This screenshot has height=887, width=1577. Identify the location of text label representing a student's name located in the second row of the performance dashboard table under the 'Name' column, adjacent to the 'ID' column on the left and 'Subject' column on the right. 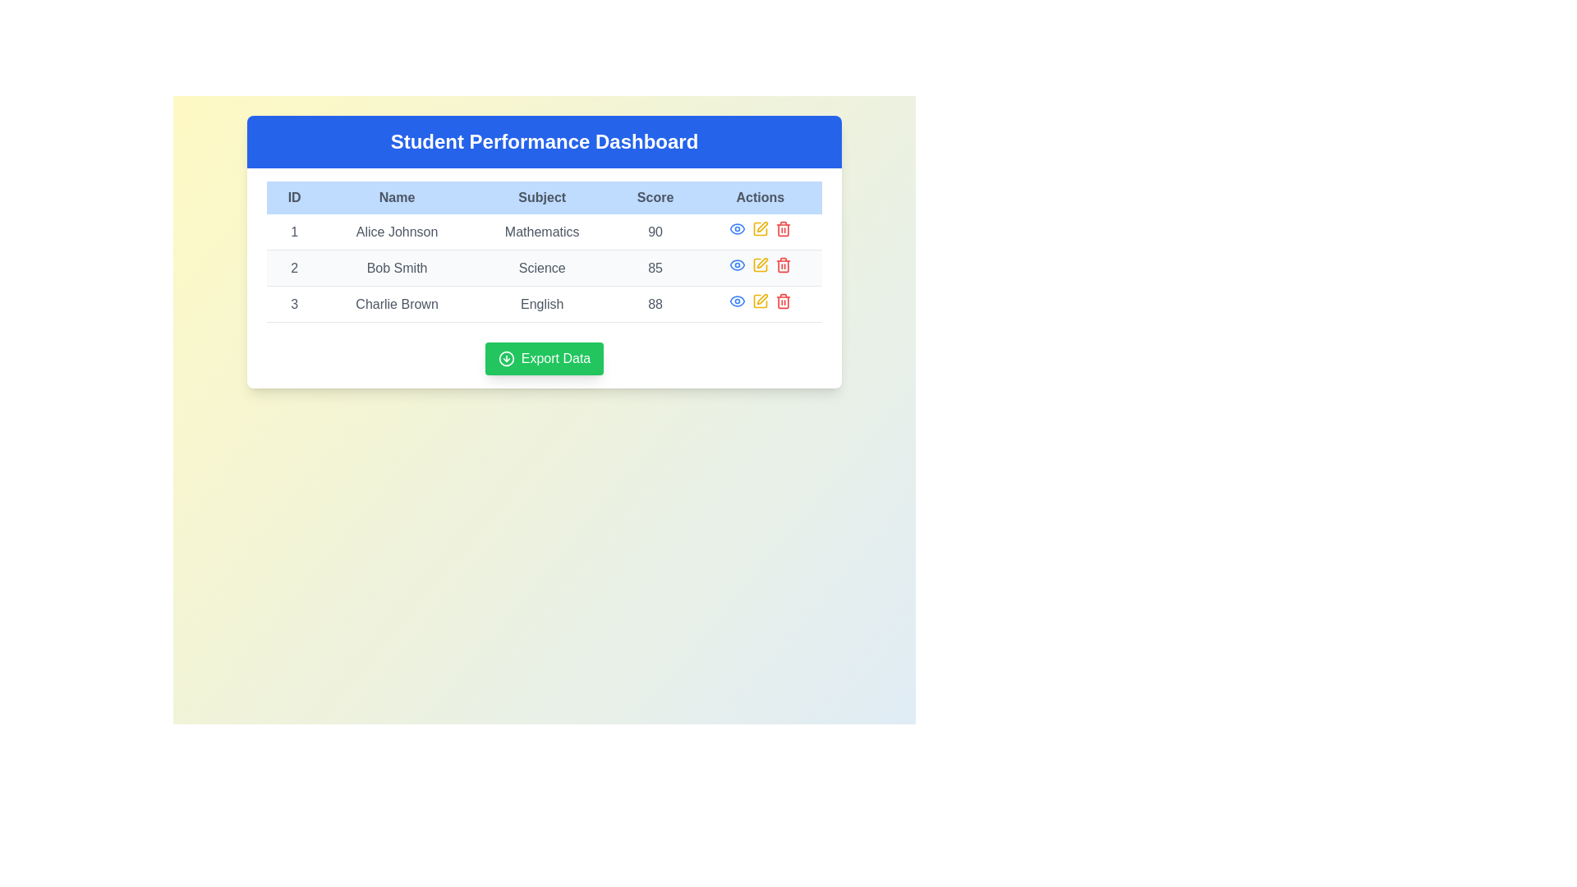
(397, 267).